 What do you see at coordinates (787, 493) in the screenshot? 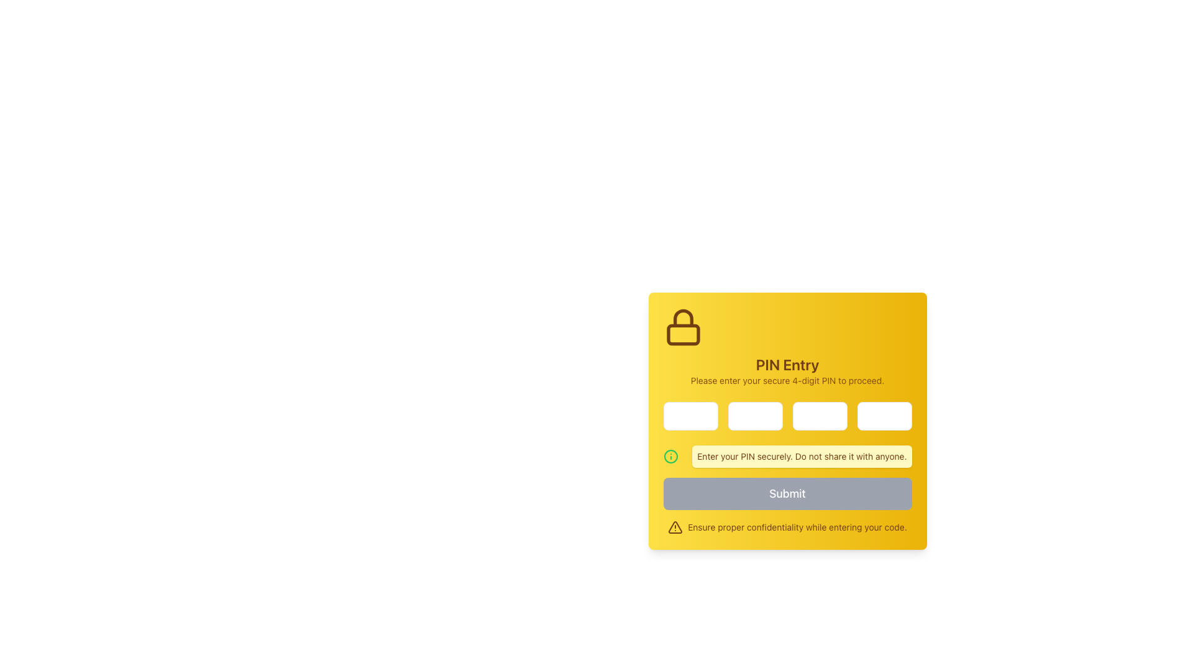
I see `the 'Submit' button, which has a gray rectangular background with rounded corners and white text, located at the bottom of the PIN entry interface` at bounding box center [787, 493].